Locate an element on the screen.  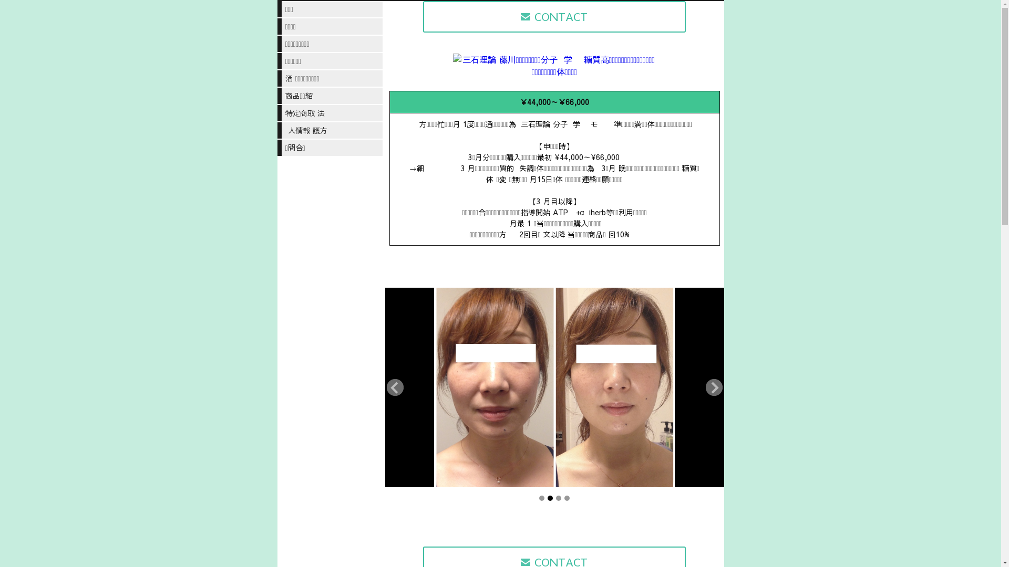
'3' is located at coordinates (555, 497).